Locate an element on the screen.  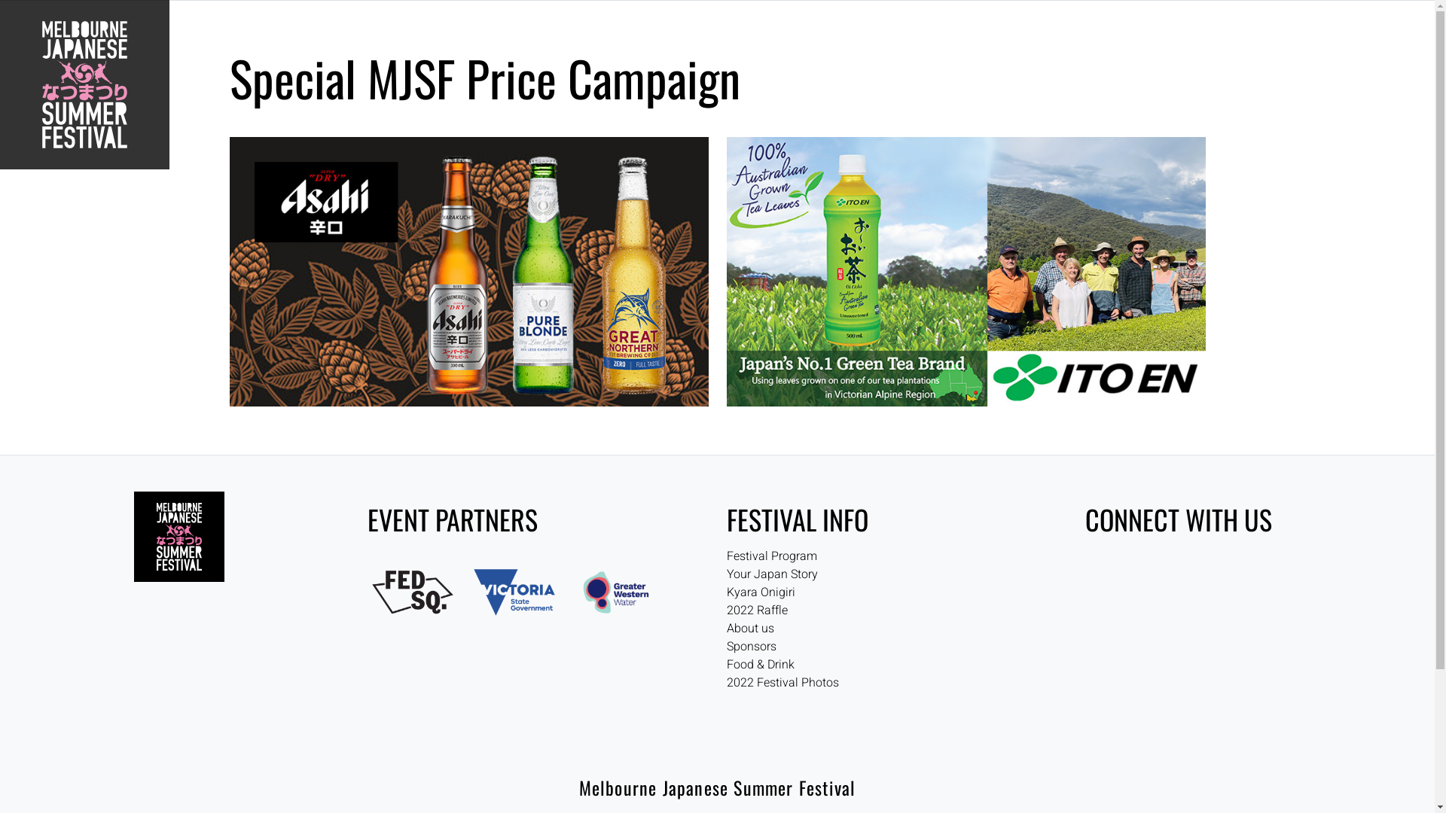
'Festival Program' is located at coordinates (770, 556).